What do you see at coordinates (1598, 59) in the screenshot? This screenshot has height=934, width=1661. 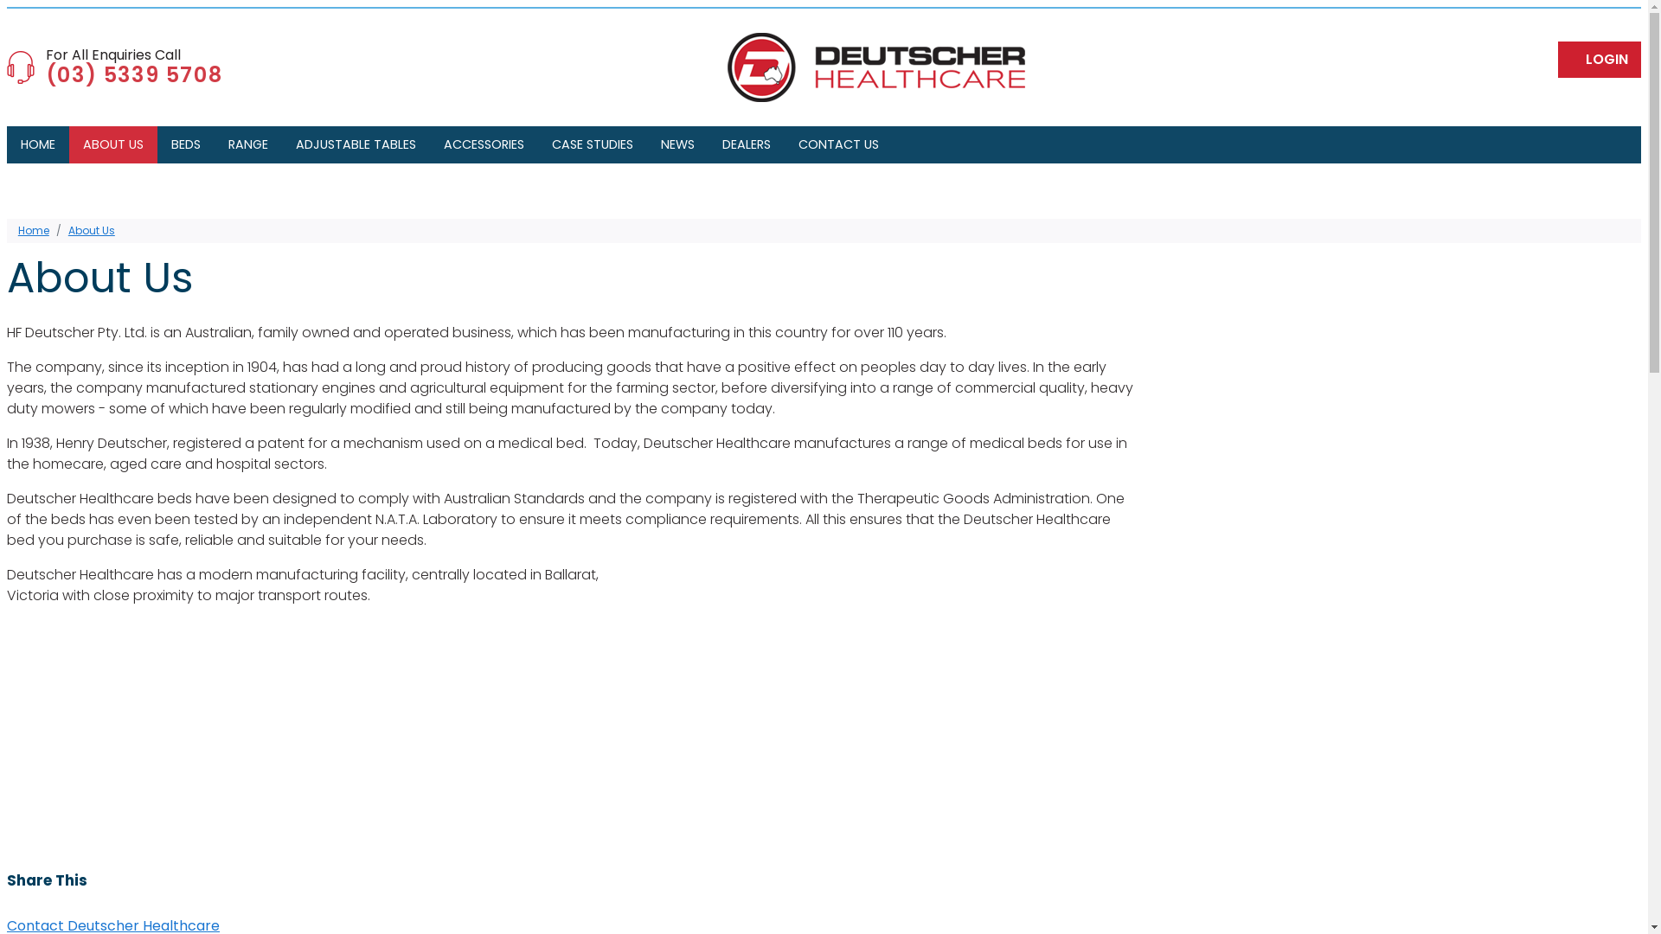 I see `'LOGIN'` at bounding box center [1598, 59].